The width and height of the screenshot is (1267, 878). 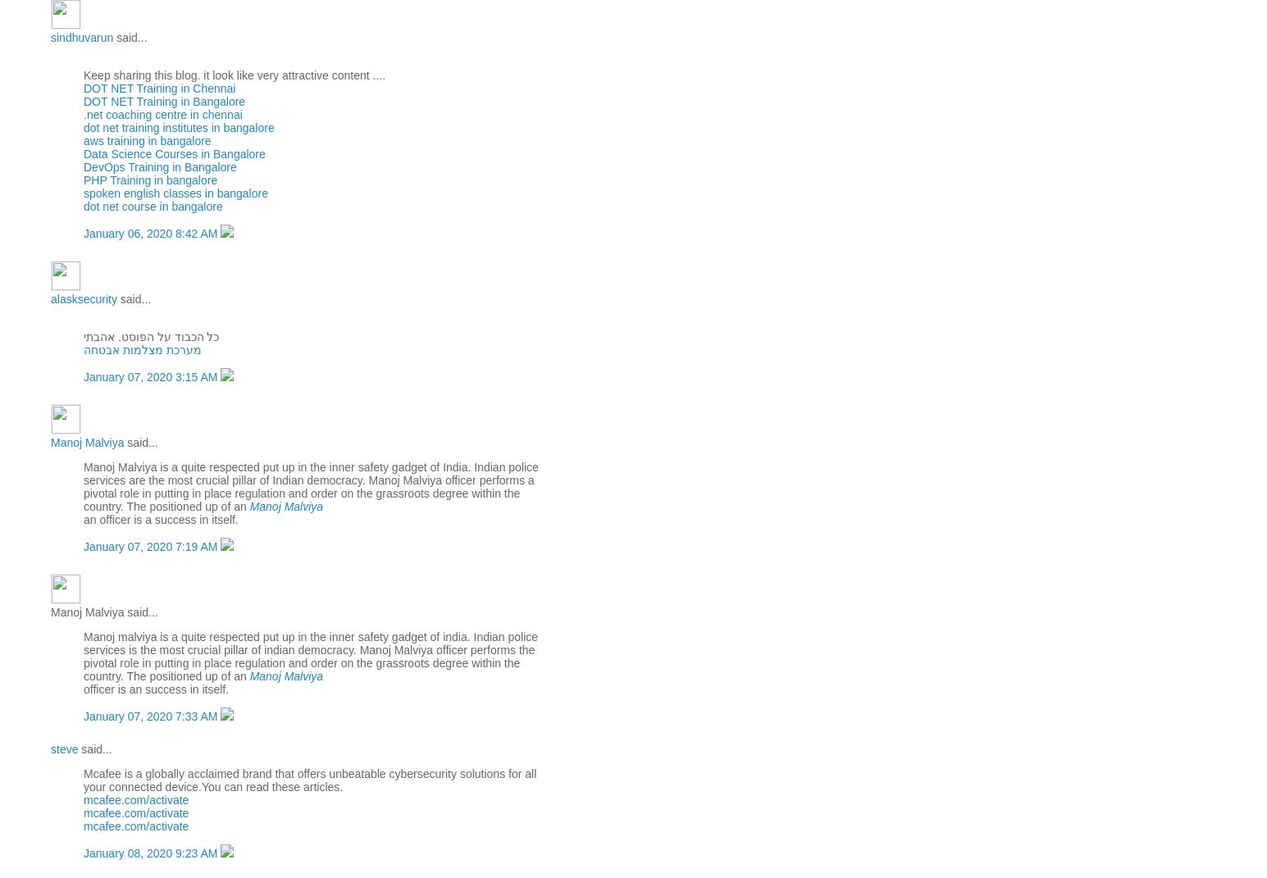 What do you see at coordinates (82, 114) in the screenshot?
I see `'.net coaching centre in chennai'` at bounding box center [82, 114].